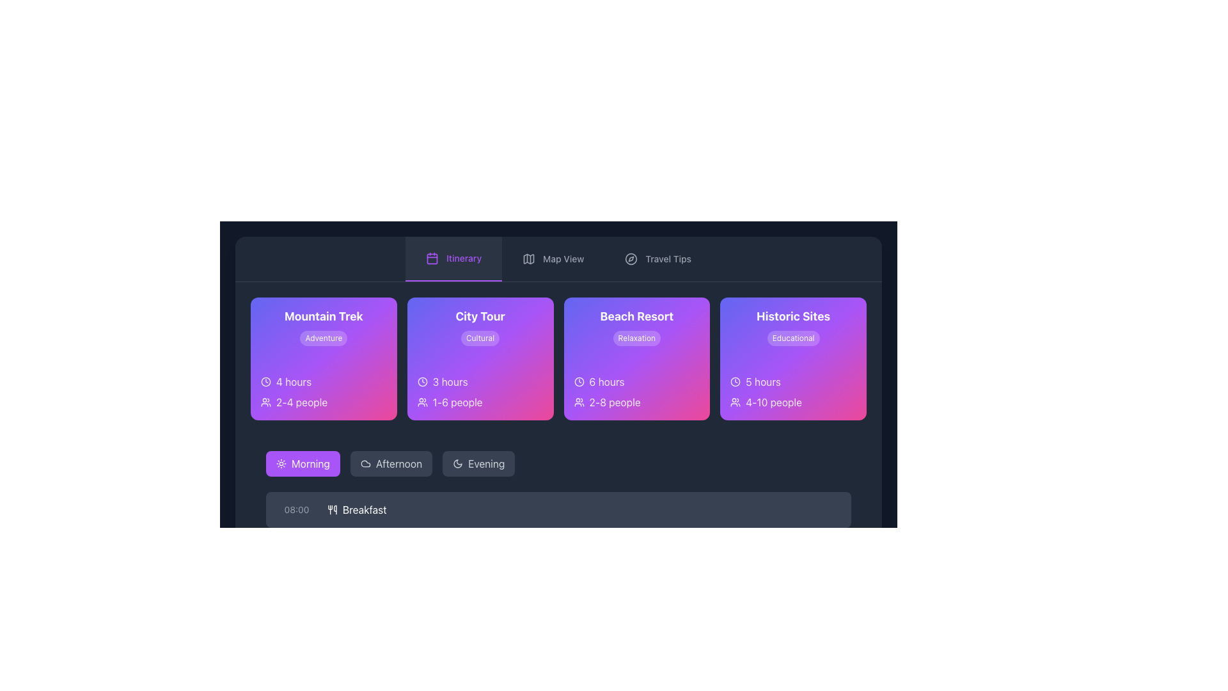 The height and width of the screenshot is (691, 1228). Describe the element at coordinates (553, 259) in the screenshot. I see `the 'Map View' button located in the navigation bar` at that location.